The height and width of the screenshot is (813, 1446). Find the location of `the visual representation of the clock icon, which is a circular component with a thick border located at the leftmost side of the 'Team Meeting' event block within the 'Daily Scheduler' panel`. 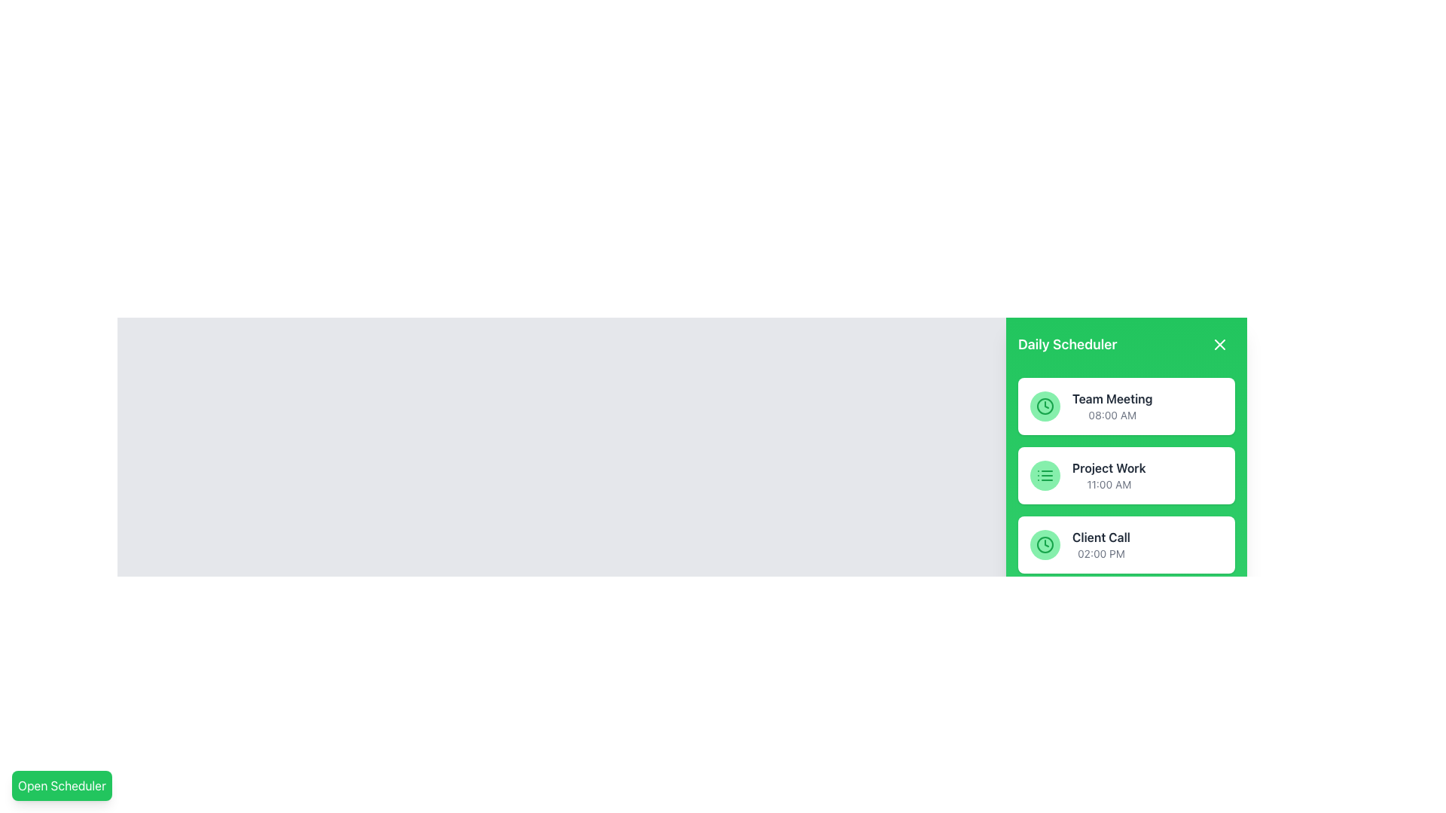

the visual representation of the clock icon, which is a circular component with a thick border located at the leftmost side of the 'Team Meeting' event block within the 'Daily Scheduler' panel is located at coordinates (1044, 406).